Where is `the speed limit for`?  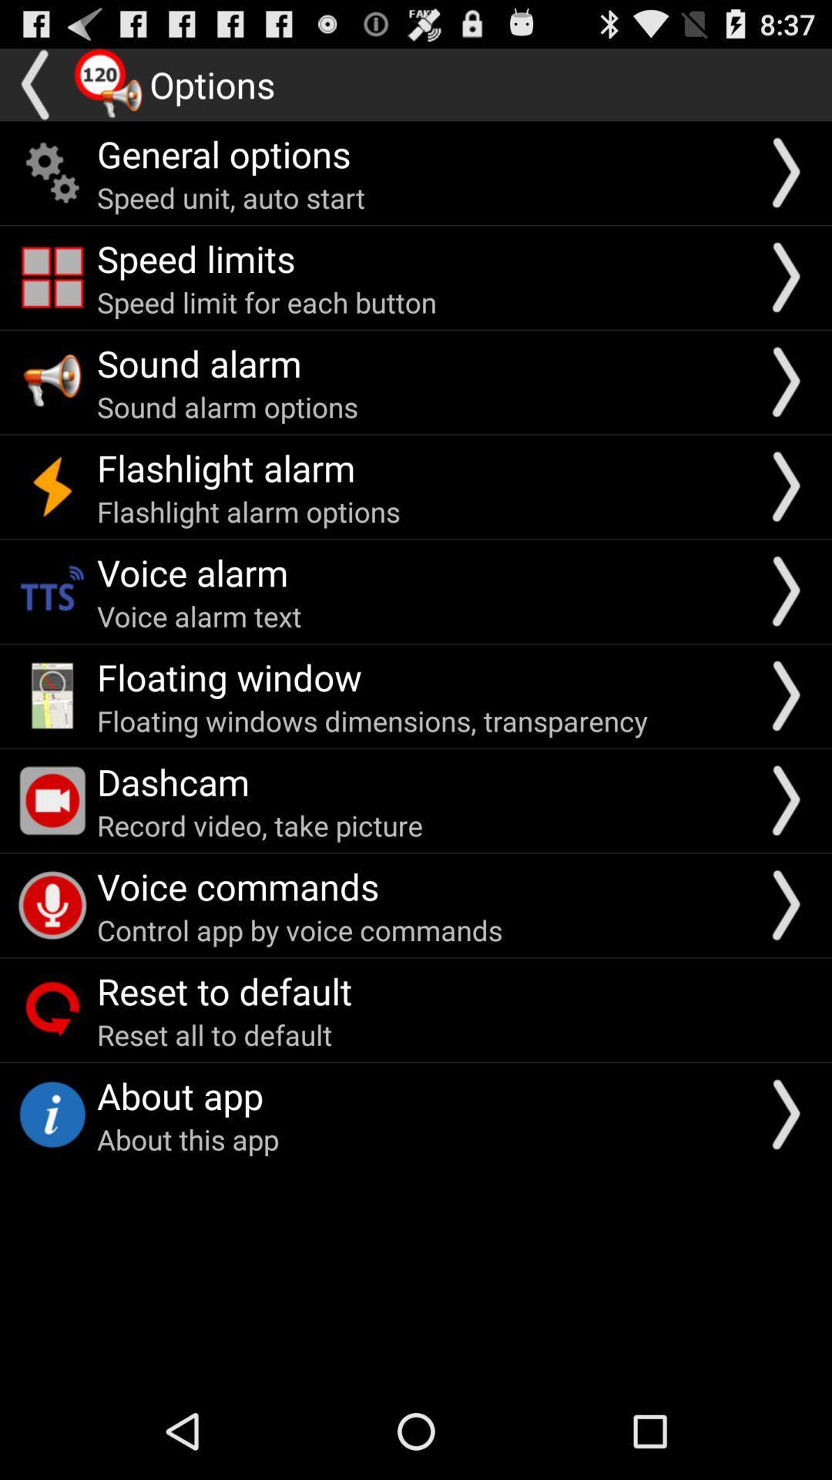 the speed limit for is located at coordinates (266, 302).